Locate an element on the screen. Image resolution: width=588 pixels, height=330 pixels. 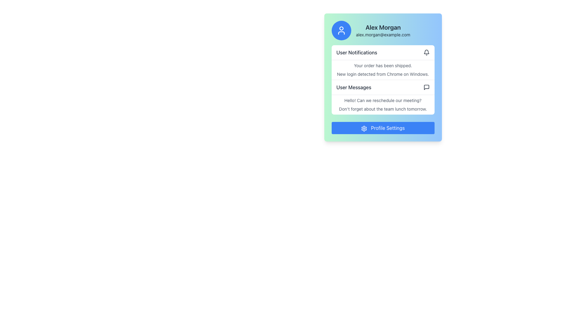
the circular blue user icon with a white user representation located at the upper left of the profile card, adjacent to the text 'Alex Morgan' and 'alex.morgan@example.com' is located at coordinates (341, 31).